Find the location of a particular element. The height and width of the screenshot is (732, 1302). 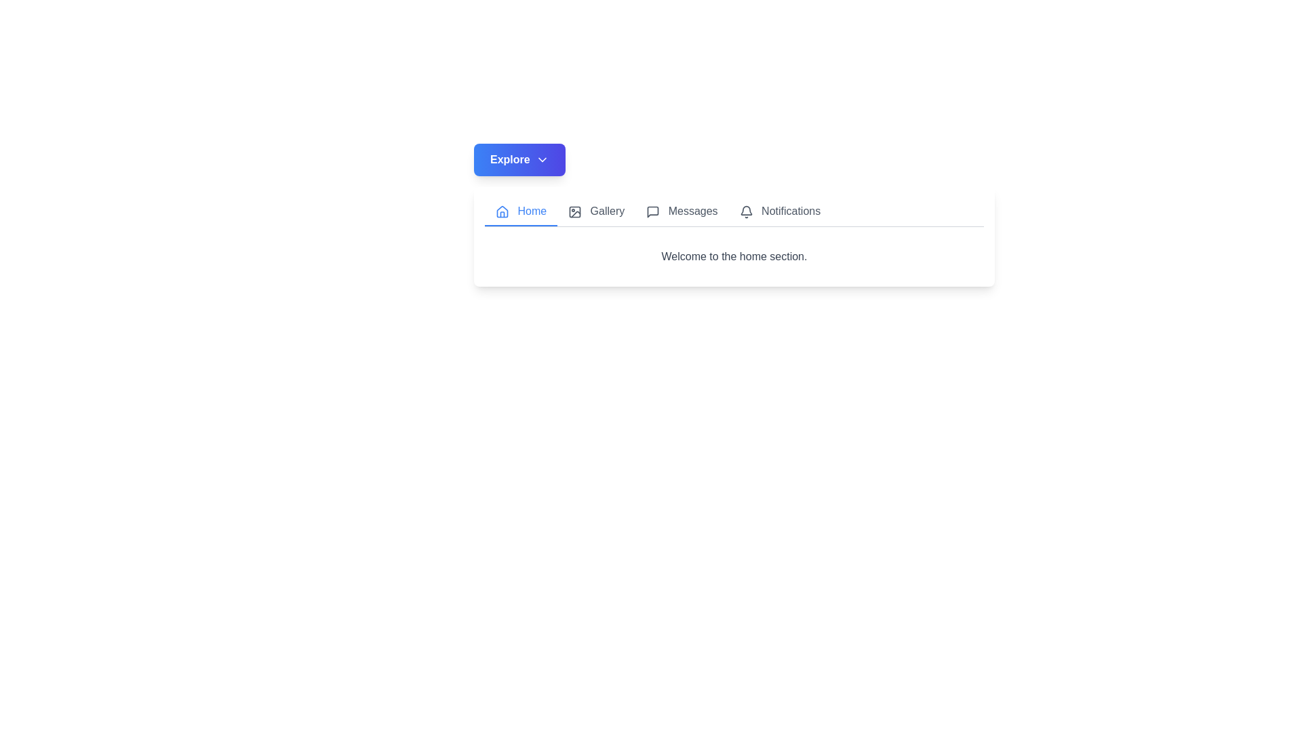

the bell icon in the horizontal navigation bar is located at coordinates (745, 211).